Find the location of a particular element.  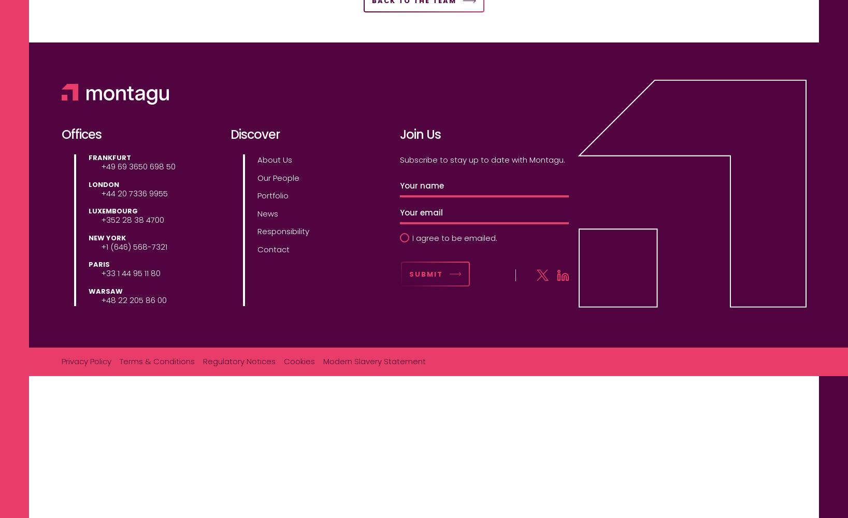

'I agree to be emailed.' is located at coordinates (454, 237).